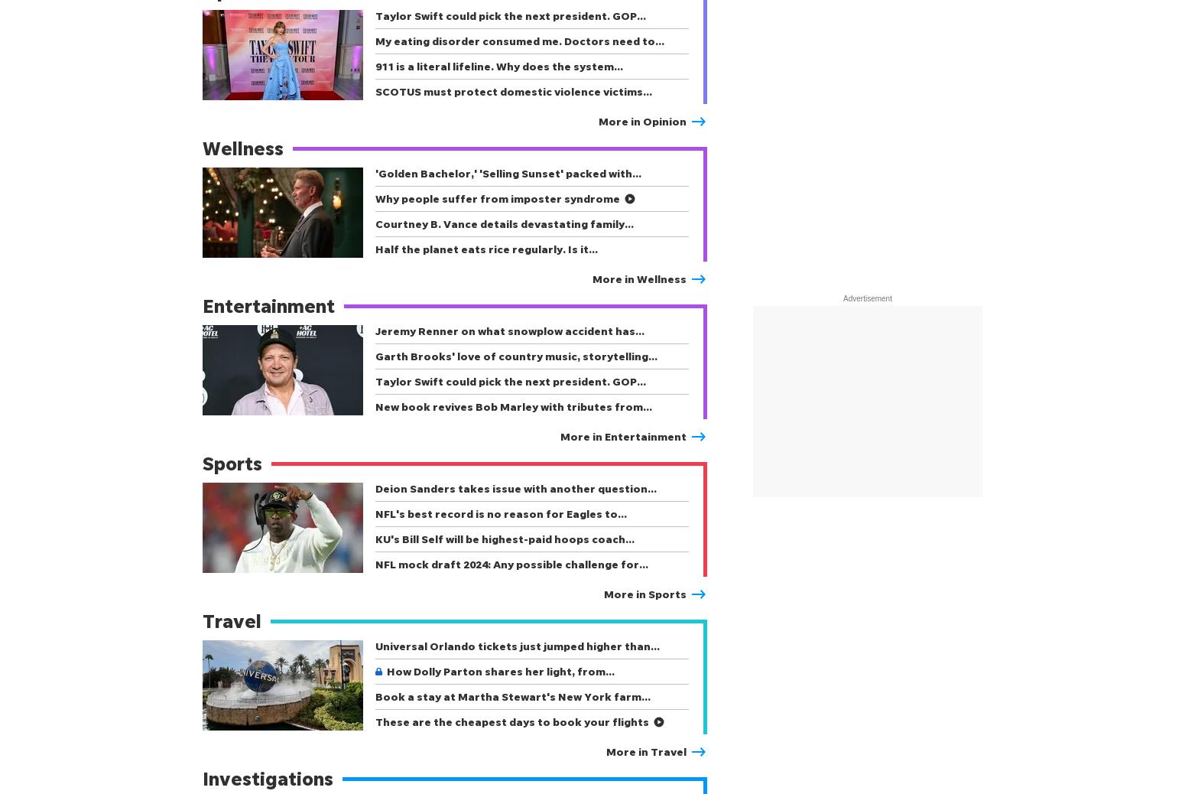 This screenshot has height=794, width=1185. Describe the element at coordinates (512, 405) in the screenshot. I see `'New book revives Bob Marley with tributes from…'` at that location.